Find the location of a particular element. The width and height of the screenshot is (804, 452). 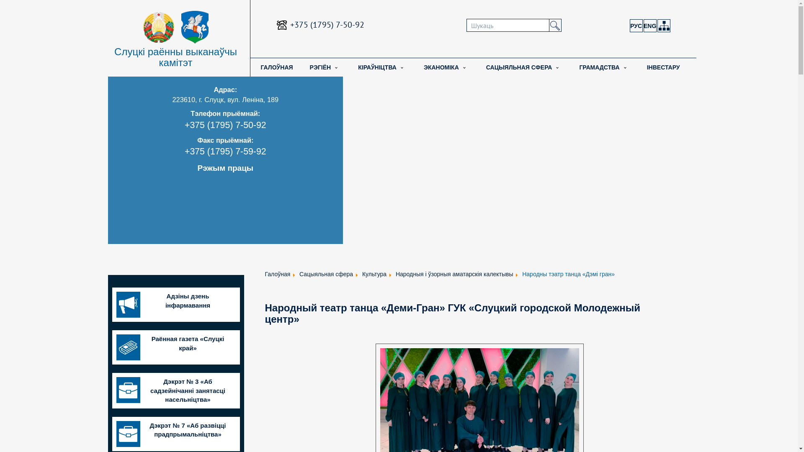

'+375 (1795) 7-59-92' is located at coordinates (184, 152).